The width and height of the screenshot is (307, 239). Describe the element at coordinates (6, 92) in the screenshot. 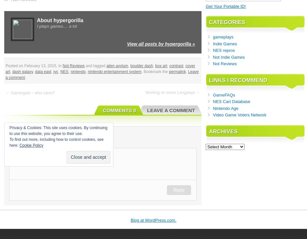

I see `'← Gamergate – who cares?'` at that location.